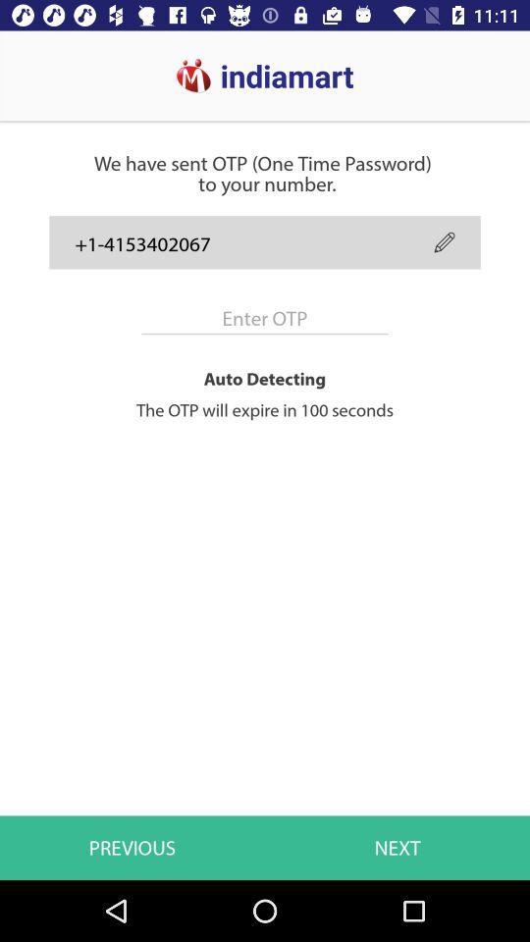  What do you see at coordinates (265, 318) in the screenshot?
I see `info` at bounding box center [265, 318].